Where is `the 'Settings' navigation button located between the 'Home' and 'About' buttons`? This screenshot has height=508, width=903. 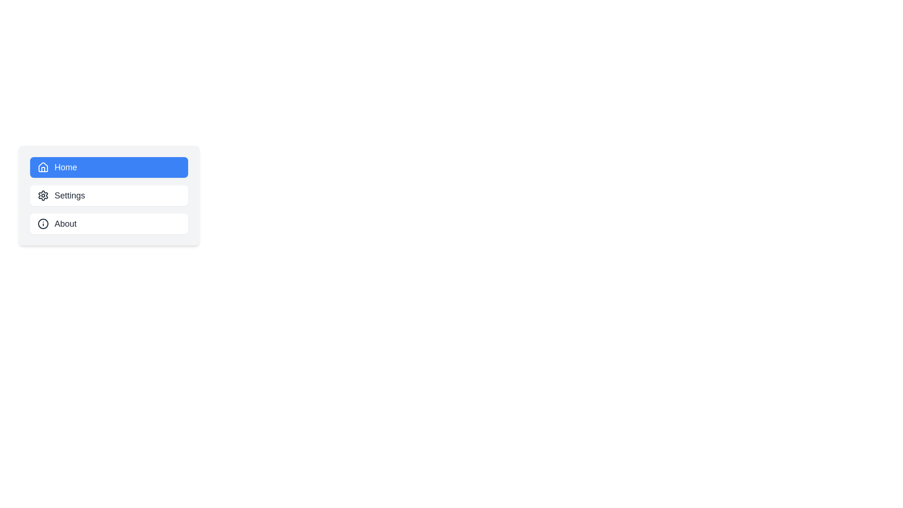
the 'Settings' navigation button located between the 'Home' and 'About' buttons is located at coordinates (109, 195).